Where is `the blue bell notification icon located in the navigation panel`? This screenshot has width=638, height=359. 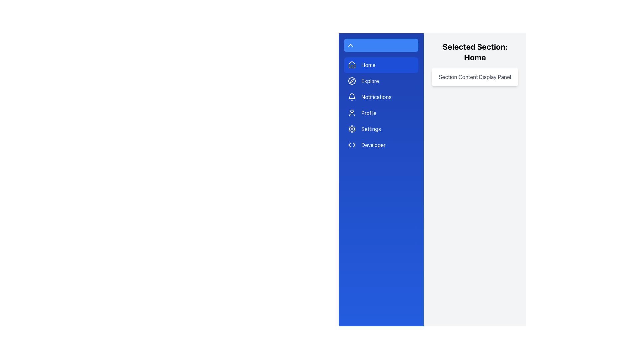 the blue bell notification icon located in the navigation panel is located at coordinates (352, 96).